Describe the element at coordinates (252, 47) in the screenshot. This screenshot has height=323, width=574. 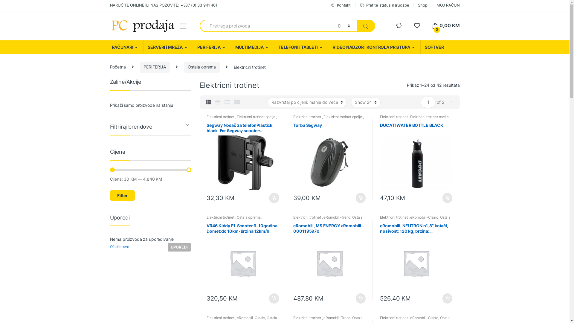
I see `'MULTIMEDIJA'` at that location.